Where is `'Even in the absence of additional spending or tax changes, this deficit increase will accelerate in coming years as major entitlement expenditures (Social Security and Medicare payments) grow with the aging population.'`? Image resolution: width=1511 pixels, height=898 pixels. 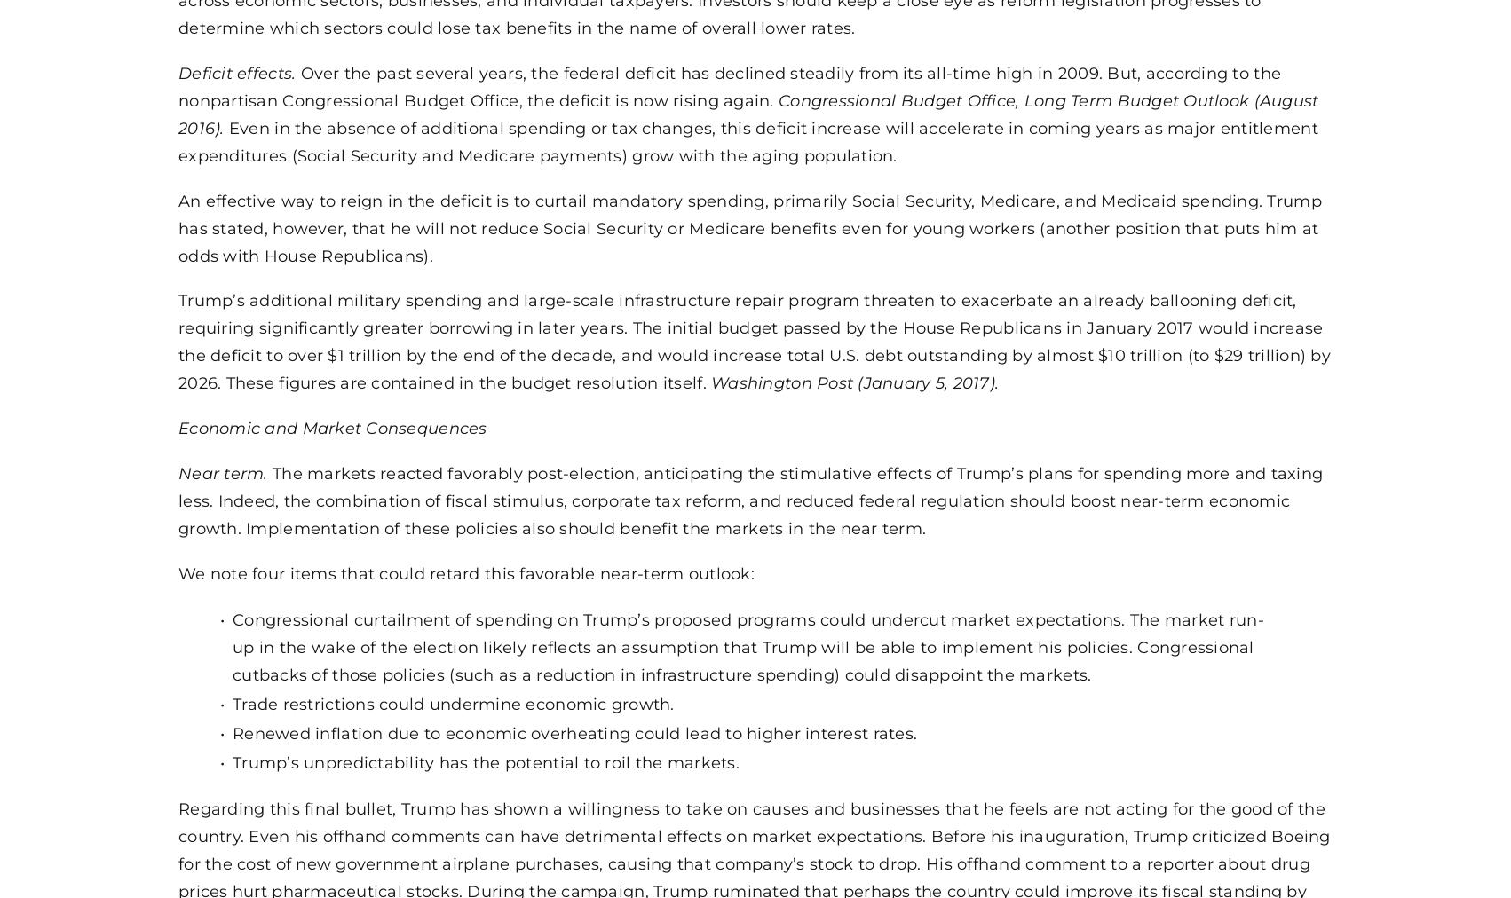
'Even in the absence of additional spending or tax changes, this deficit increase will accelerate in coming years as major entitlement expenditures (Social Security and Medicare payments) grow with the aging population.' is located at coordinates (747, 140).